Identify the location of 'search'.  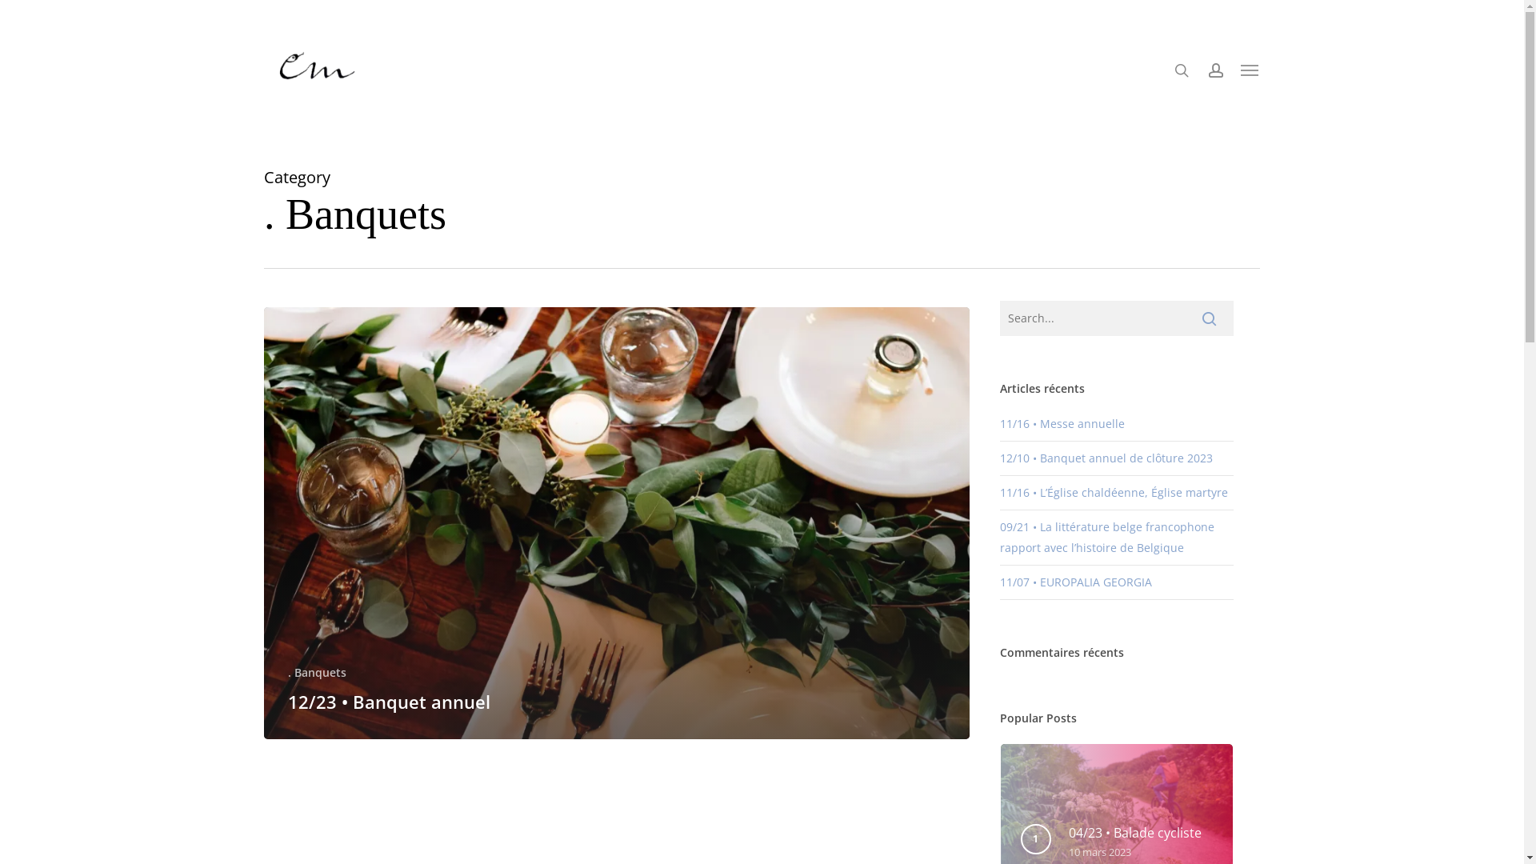
(1182, 70).